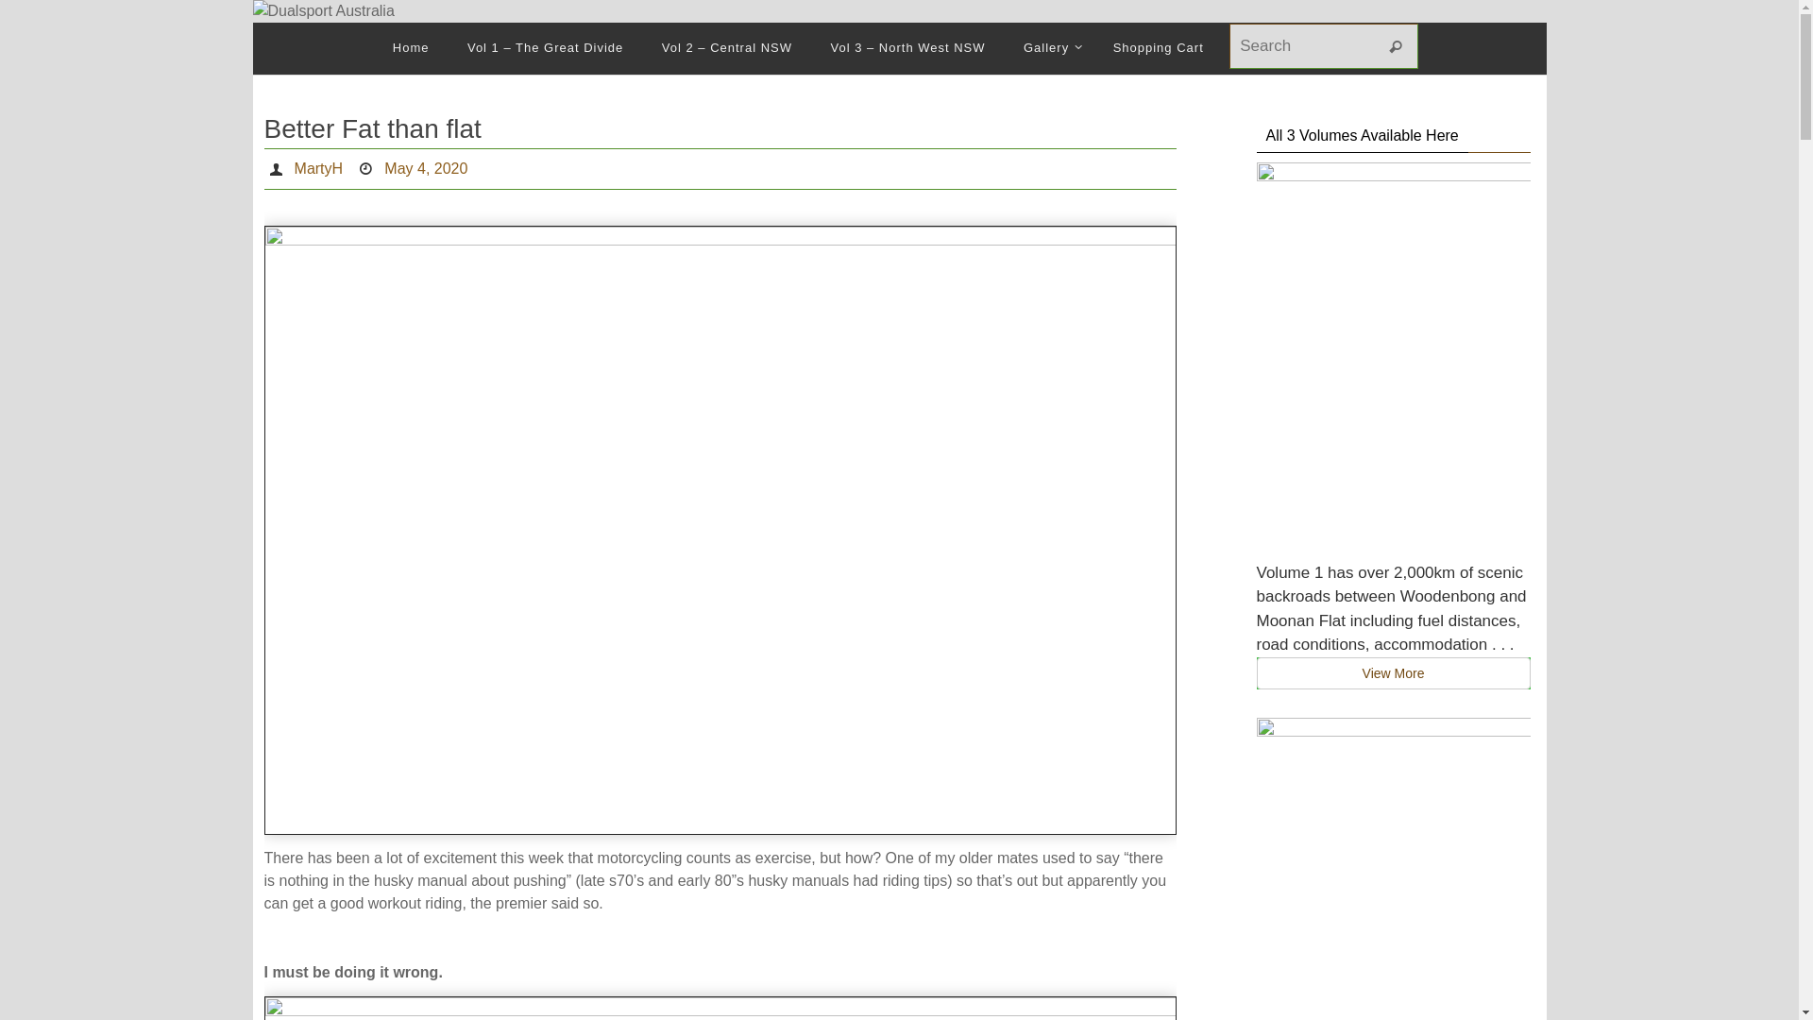 This screenshot has width=1813, height=1020. What do you see at coordinates (425, 167) in the screenshot?
I see `'May 4, 2020'` at bounding box center [425, 167].